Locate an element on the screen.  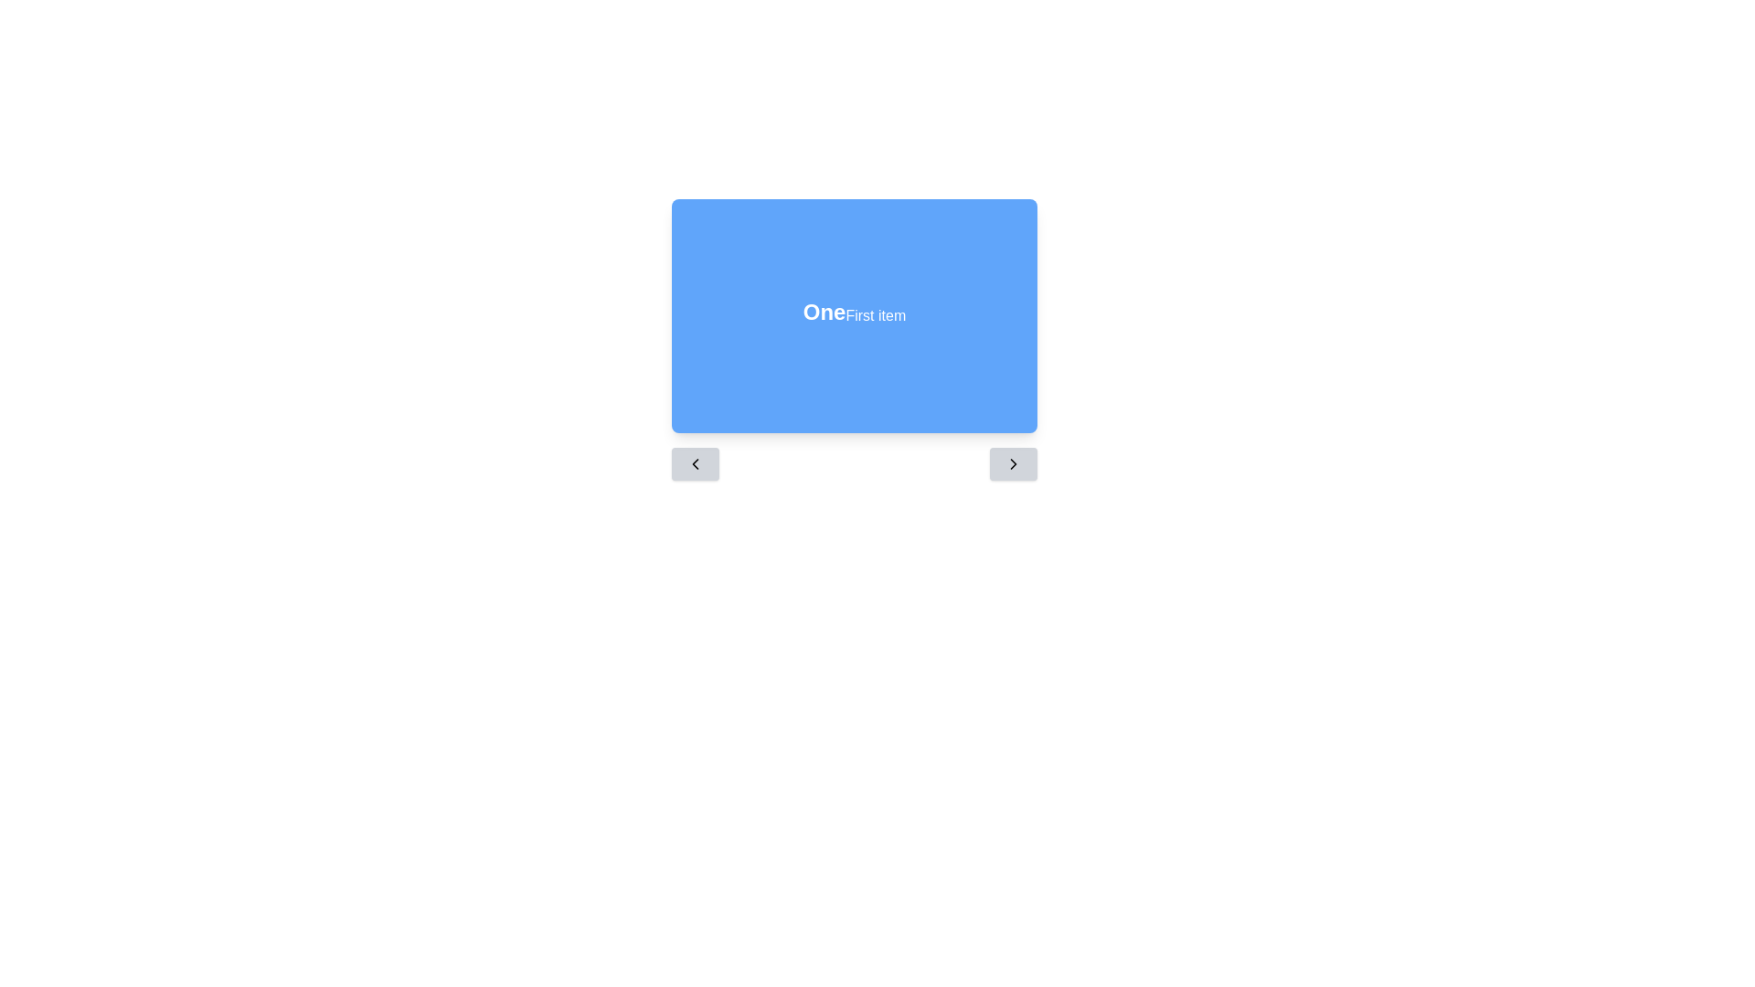
the left navigation icon, which is positioned to the left of the 'One First item' label in the carousel interface, to observe styling changes is located at coordinates (695, 463).